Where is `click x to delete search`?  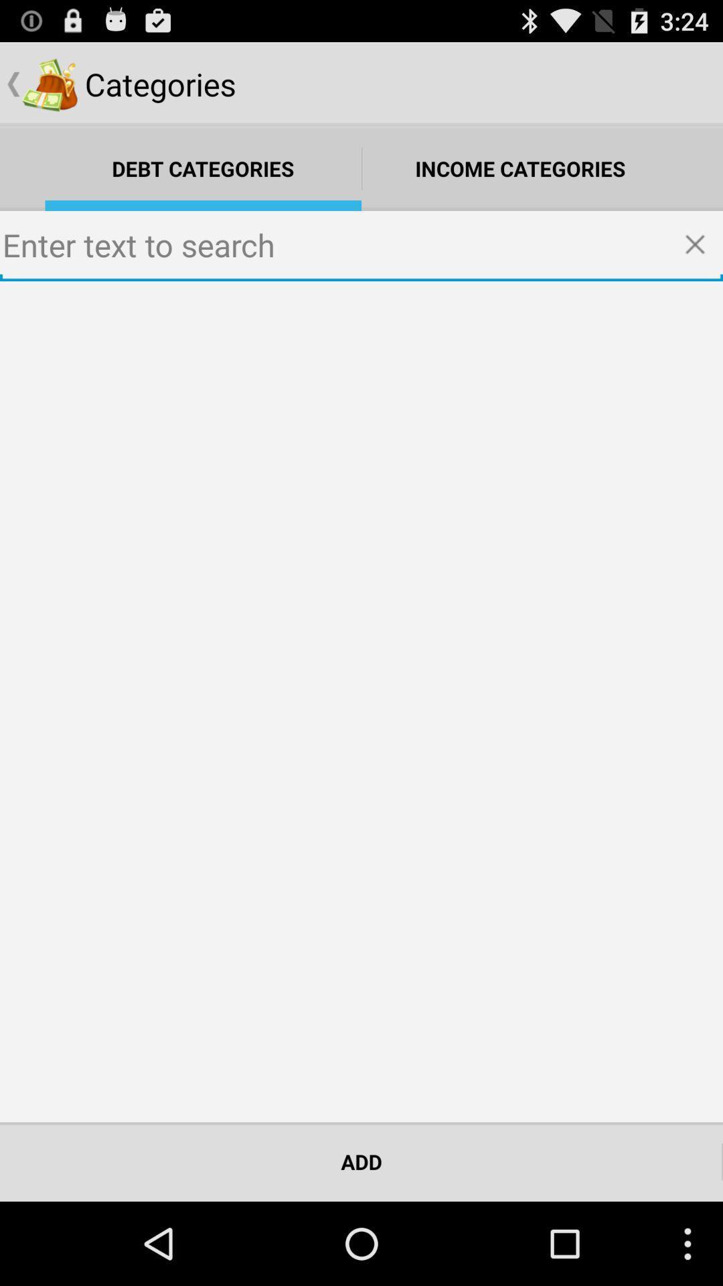
click x to delete search is located at coordinates (699, 246).